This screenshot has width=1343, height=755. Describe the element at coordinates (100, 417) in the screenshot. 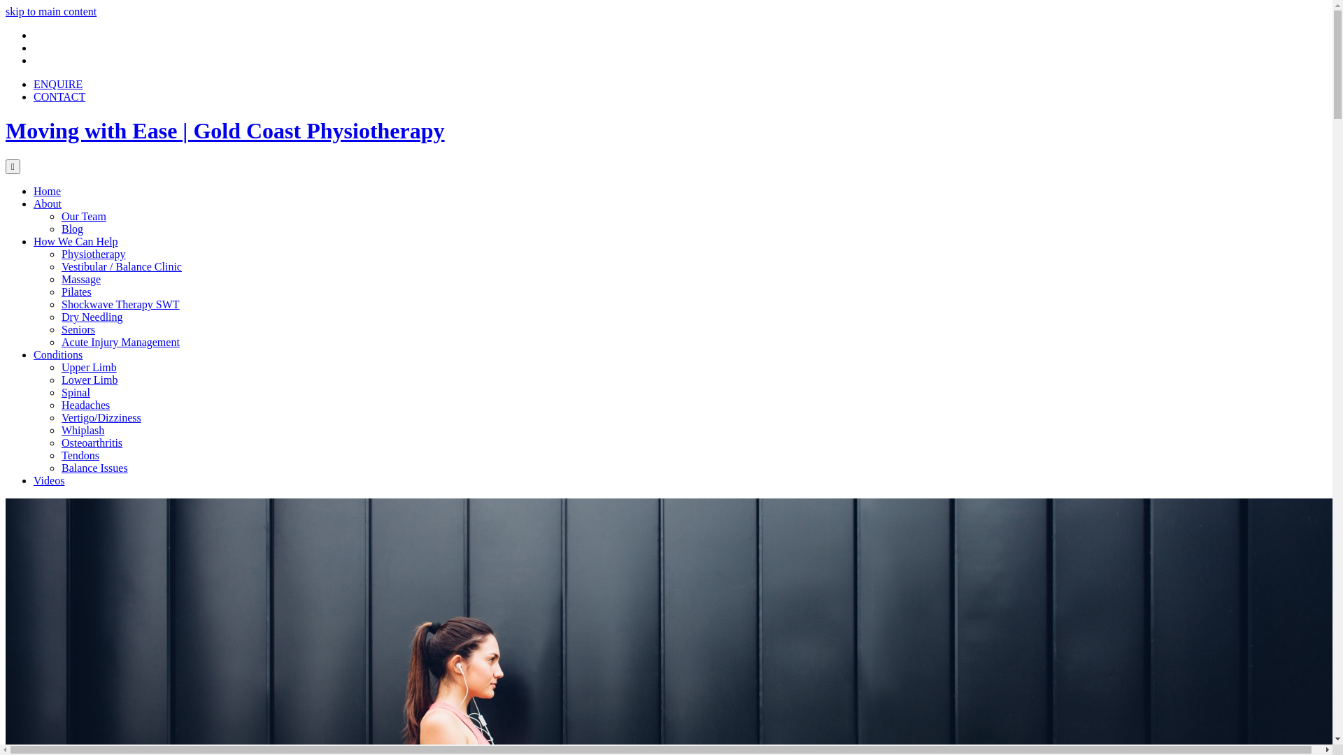

I see `'Vertigo/Dizziness'` at that location.